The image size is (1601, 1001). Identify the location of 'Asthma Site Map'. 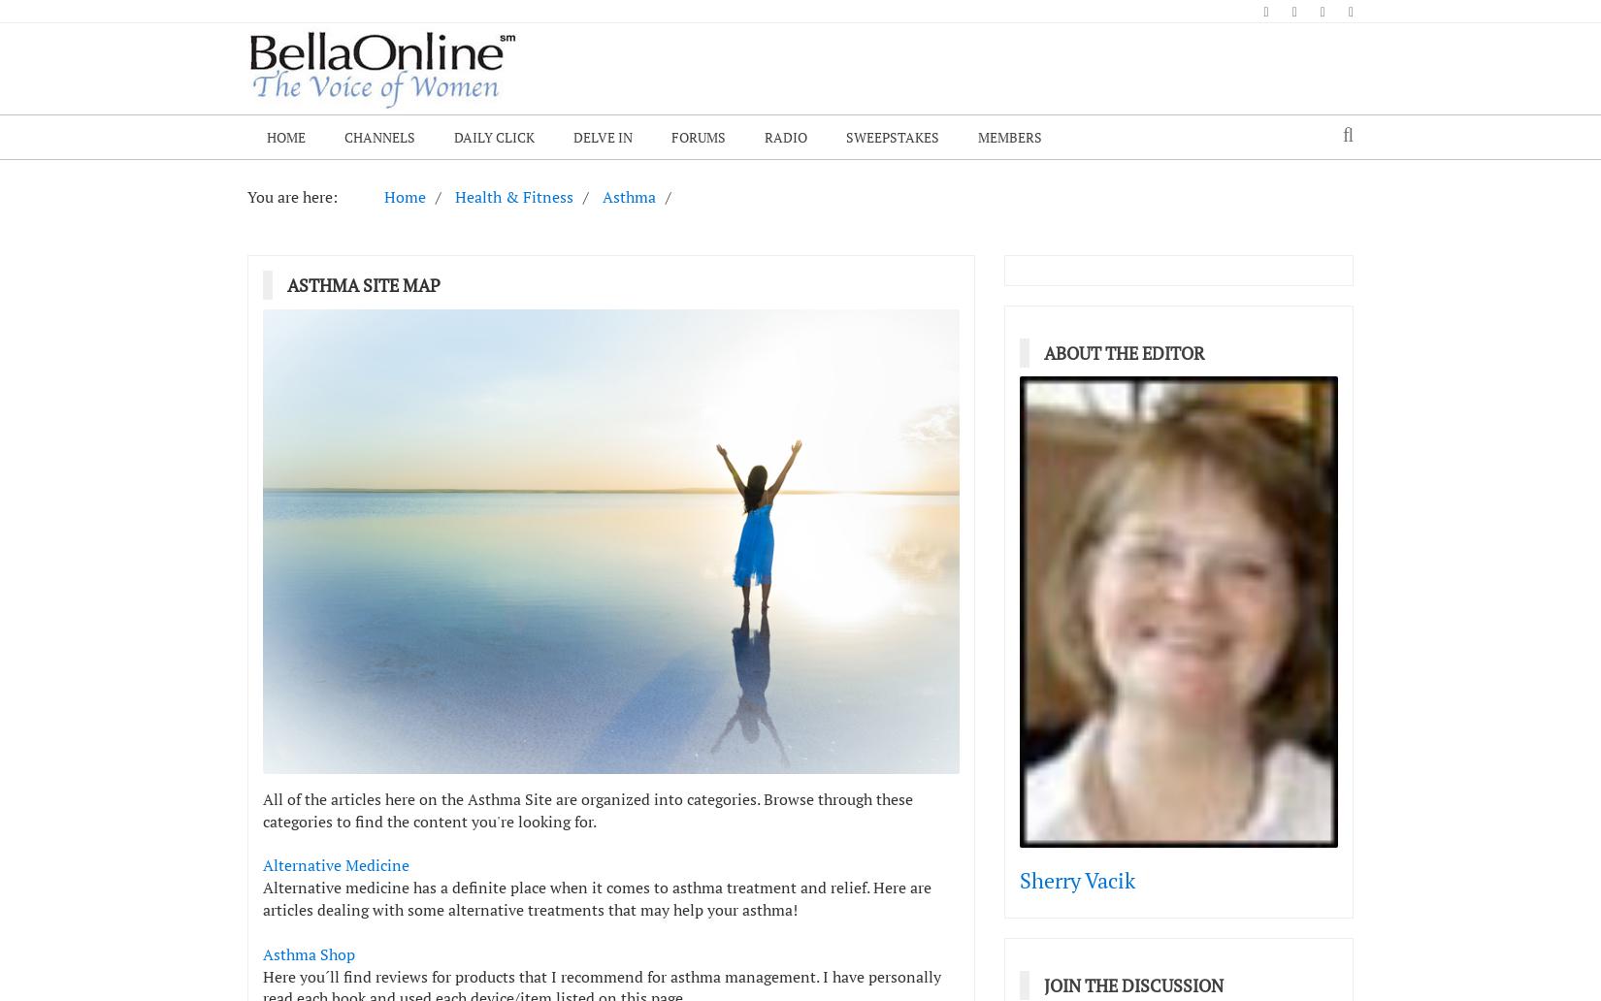
(364, 283).